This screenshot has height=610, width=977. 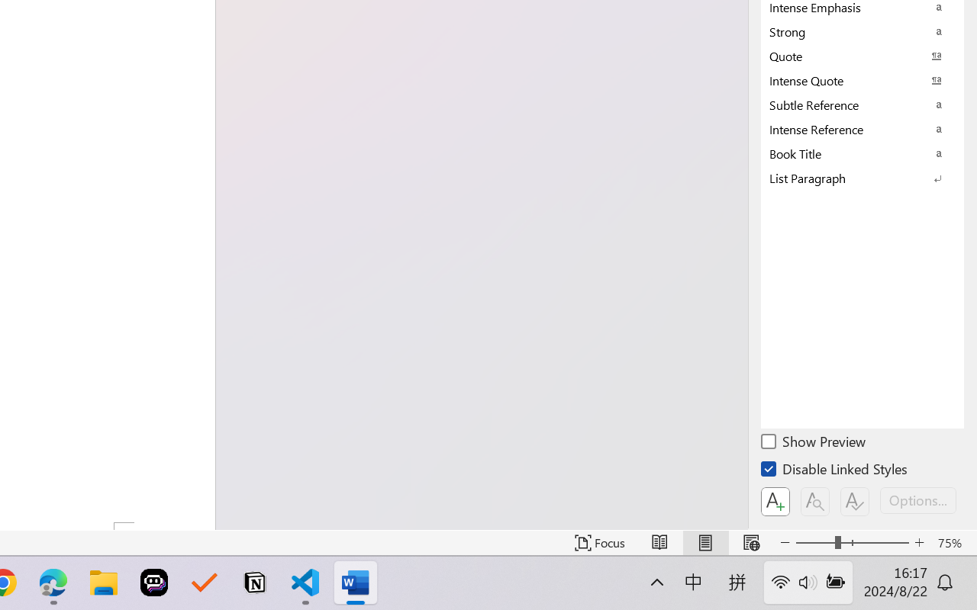 I want to click on 'Quote', so click(x=863, y=56).